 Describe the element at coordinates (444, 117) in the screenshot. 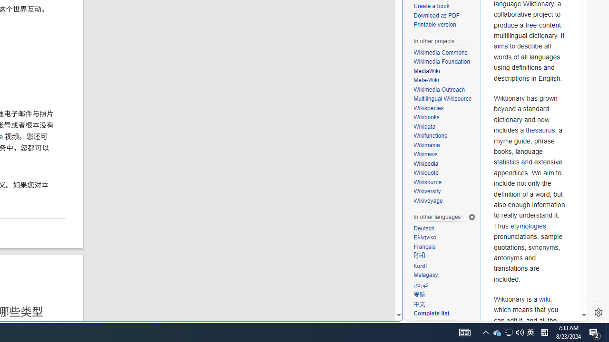

I see `'Wikibooks'` at that location.